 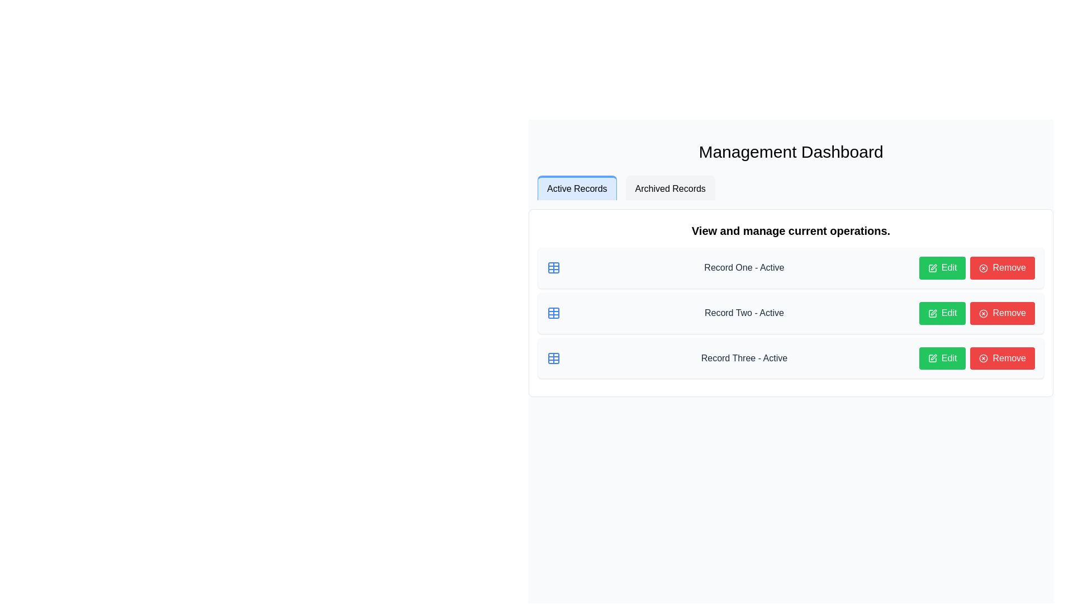 What do you see at coordinates (744, 358) in the screenshot?
I see `the descriptive label 'Record Three - Active', which is styled with medium-weight font and positioned in the third row of the 'Active Records' section, centered in the row` at bounding box center [744, 358].